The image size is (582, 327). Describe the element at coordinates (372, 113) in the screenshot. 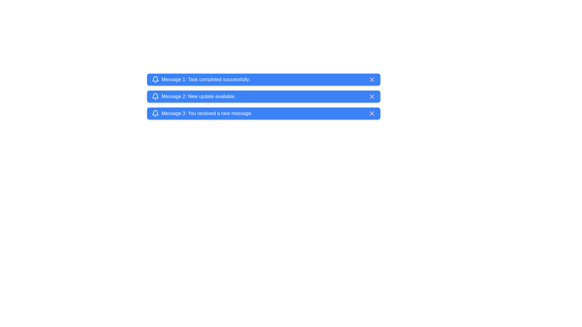

I see `the 'X' icon in the notification that indicates 'You received a new message'` at that location.